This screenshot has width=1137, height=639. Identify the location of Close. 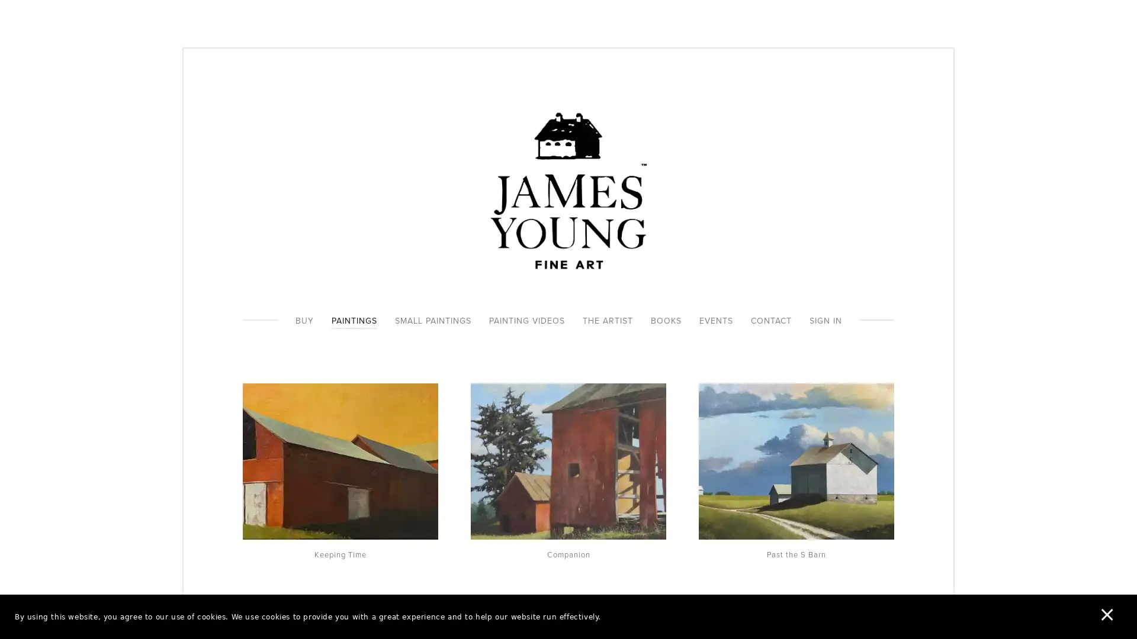
(741, 209).